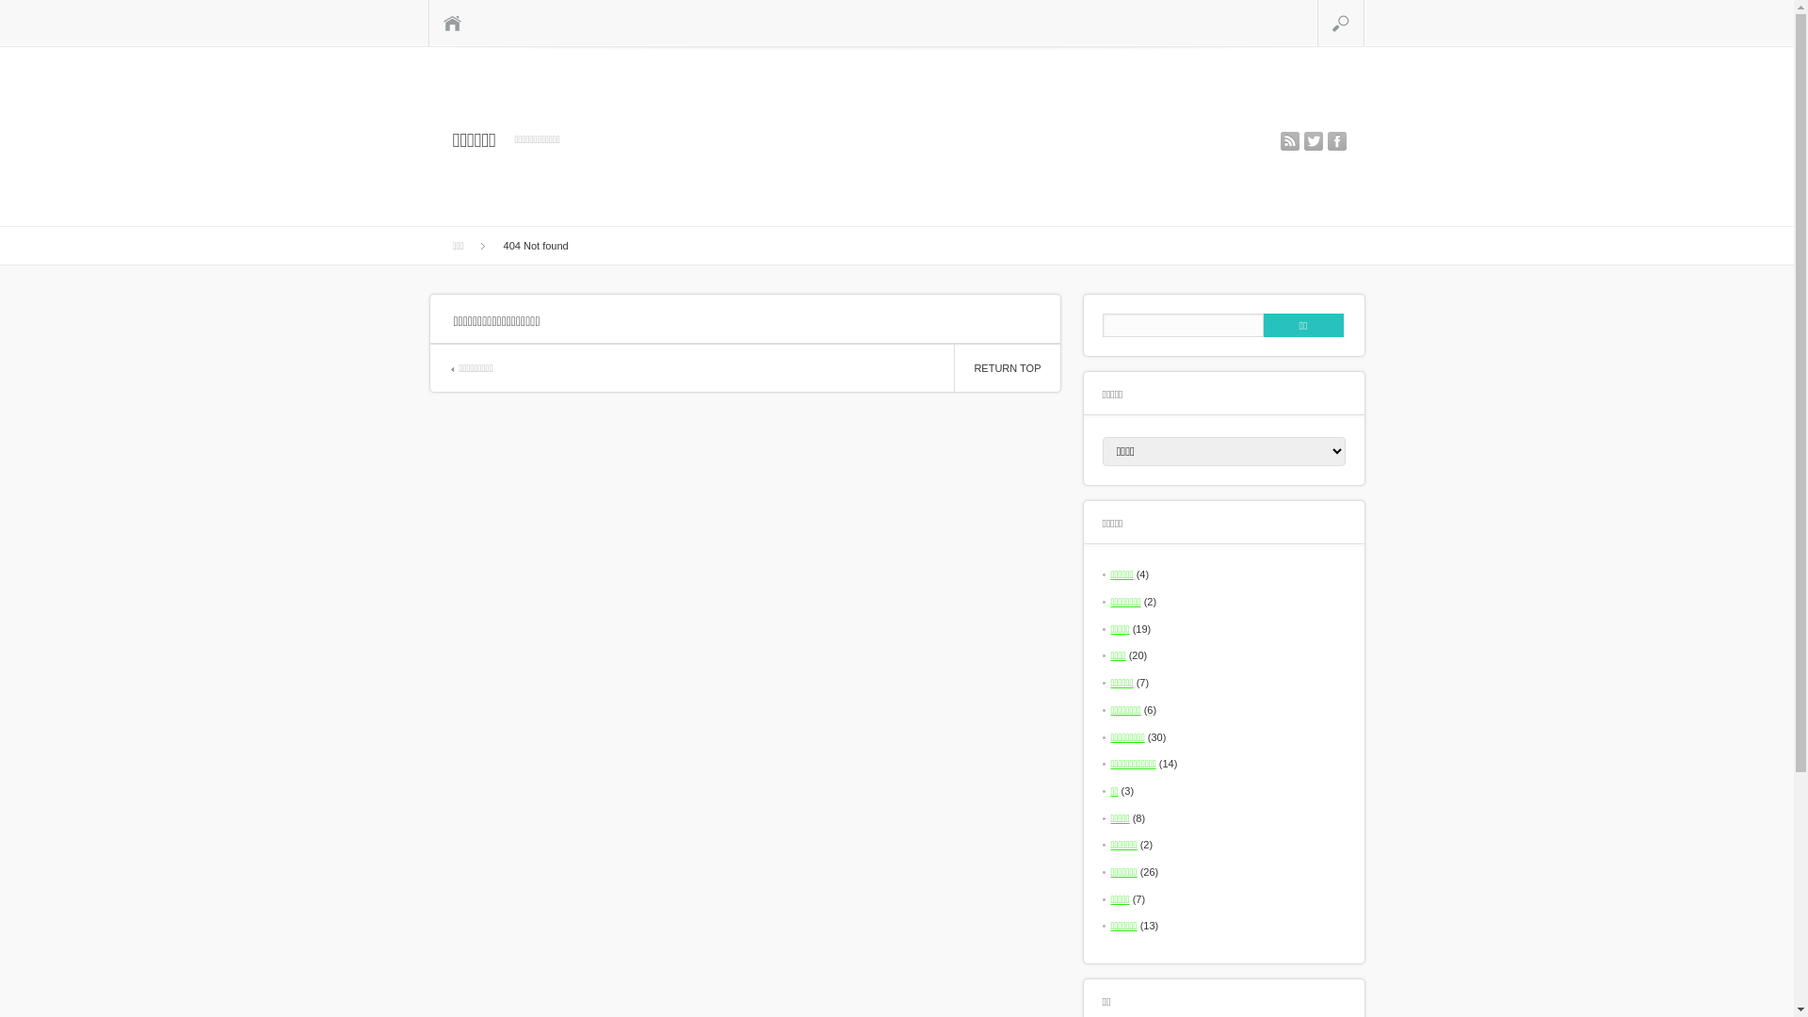  Describe the element at coordinates (1280, 140) in the screenshot. I see `'rss'` at that location.